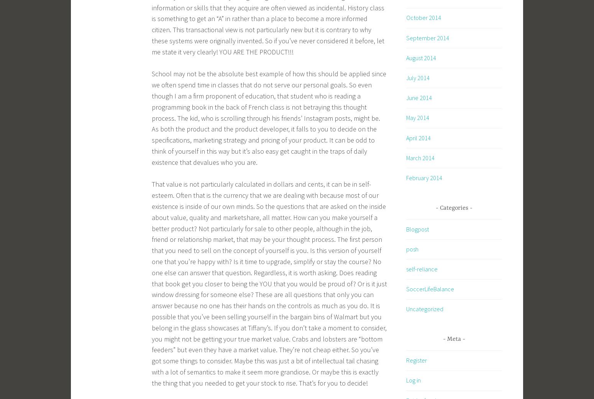 The height and width of the screenshot is (399, 594). What do you see at coordinates (417, 229) in the screenshot?
I see `'Blogpost'` at bounding box center [417, 229].